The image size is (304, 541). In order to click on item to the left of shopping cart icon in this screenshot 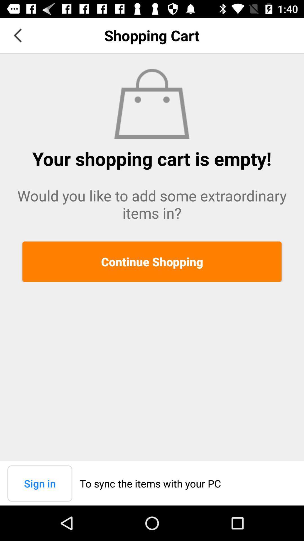, I will do `click(17, 35)`.